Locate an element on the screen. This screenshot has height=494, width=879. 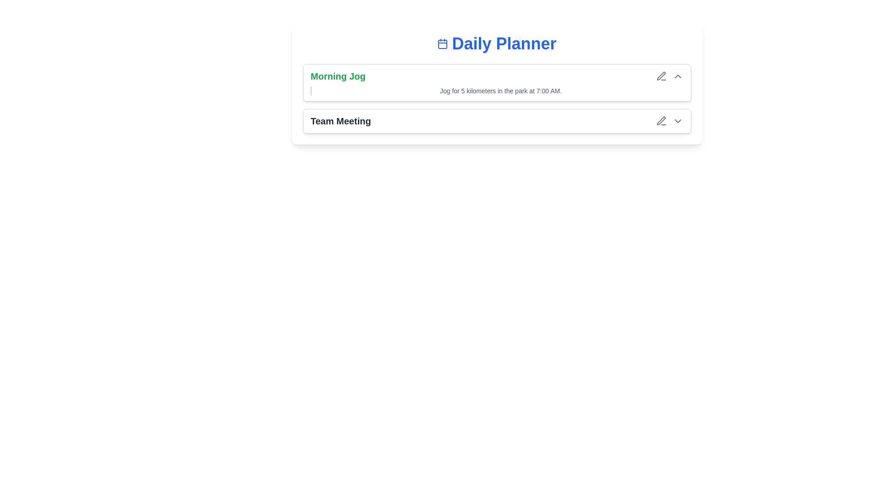
the small pen icon button located to the far-right of the 'Morning Jog' task in the daily planner interface is located at coordinates (661, 75).